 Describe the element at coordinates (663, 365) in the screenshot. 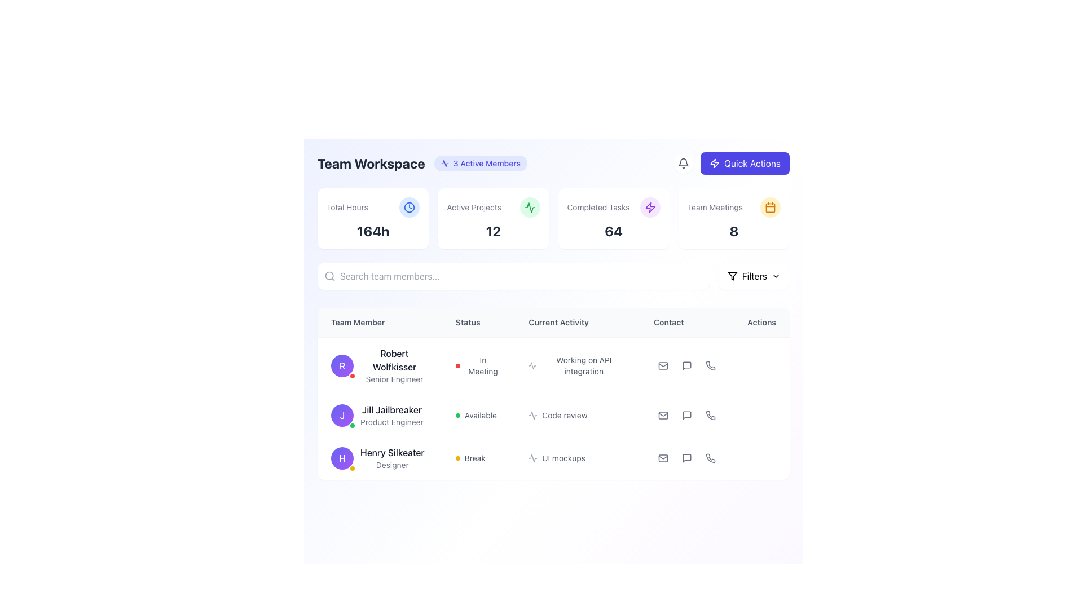

I see `the small, rounded rectangle-shaped button with an envelope icon at its center, located in the 'Contact' column of the table for 'Robert Wolfkisser'` at that location.